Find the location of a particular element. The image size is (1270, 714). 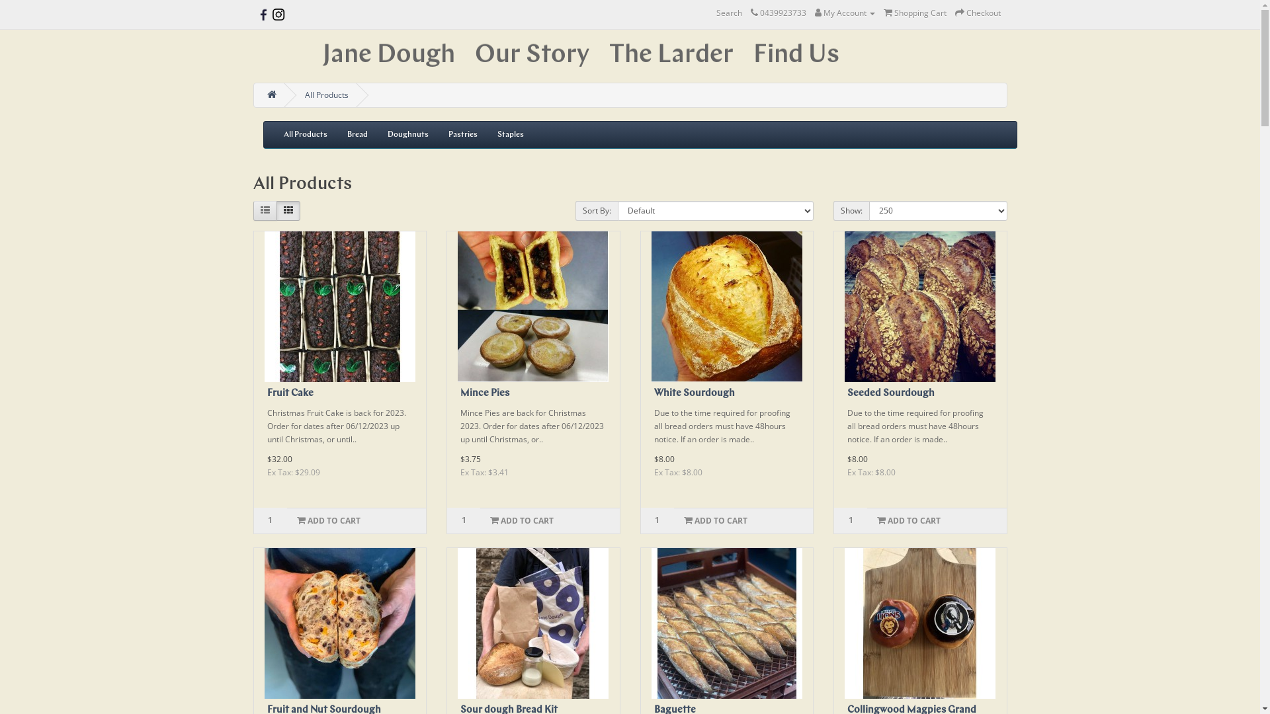

'The Larder' is located at coordinates (671, 55).